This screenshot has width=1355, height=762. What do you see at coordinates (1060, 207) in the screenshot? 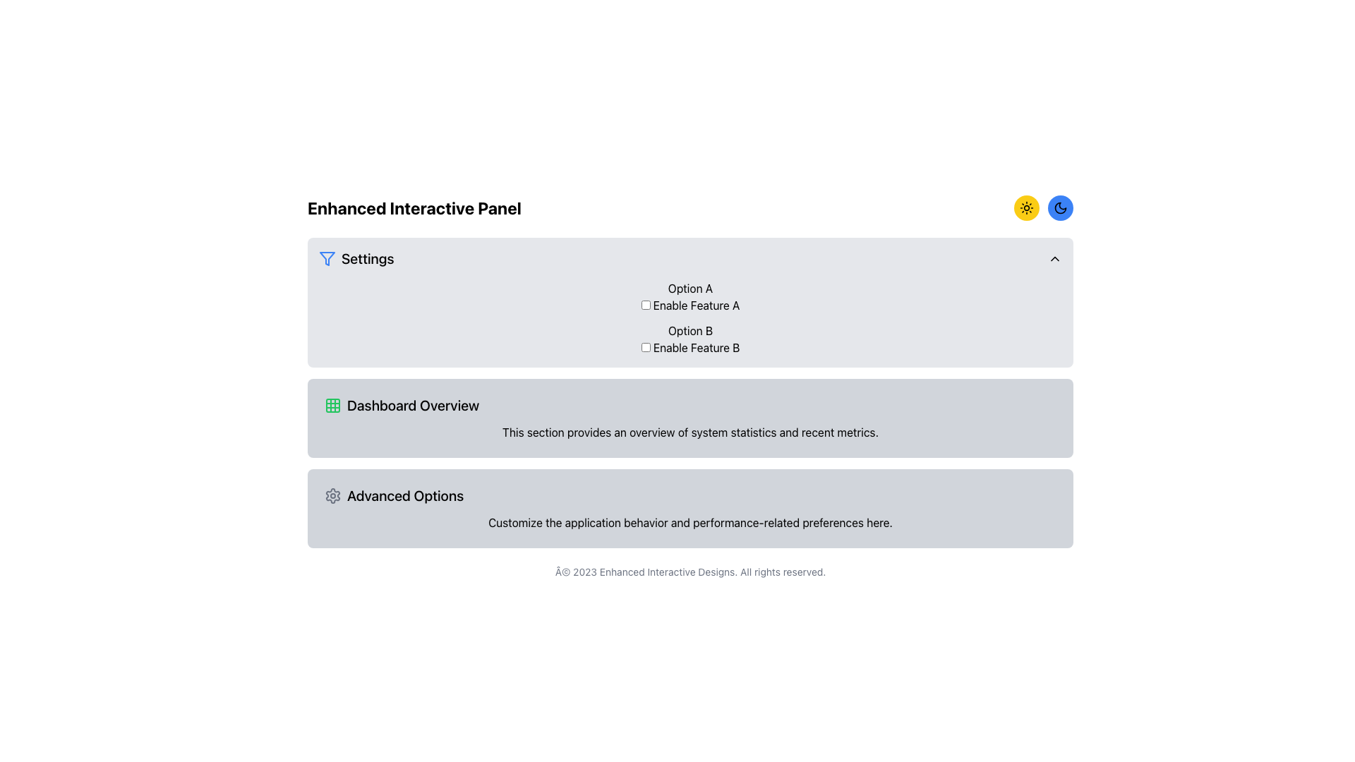
I see `the toggle button for dark mode, which is the rightmost button featuring a moon icon located in the upper-right corner of the interface` at bounding box center [1060, 207].